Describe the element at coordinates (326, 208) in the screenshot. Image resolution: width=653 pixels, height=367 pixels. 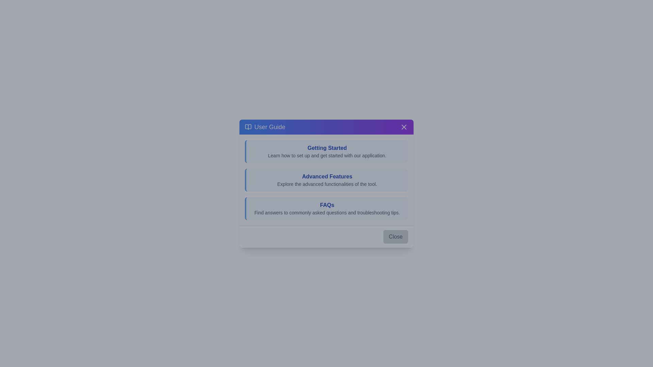
I see `the Informational Box labeled 'FAQs' that contains the description for commonly asked questions, located in the 'User Guide' modal` at that location.